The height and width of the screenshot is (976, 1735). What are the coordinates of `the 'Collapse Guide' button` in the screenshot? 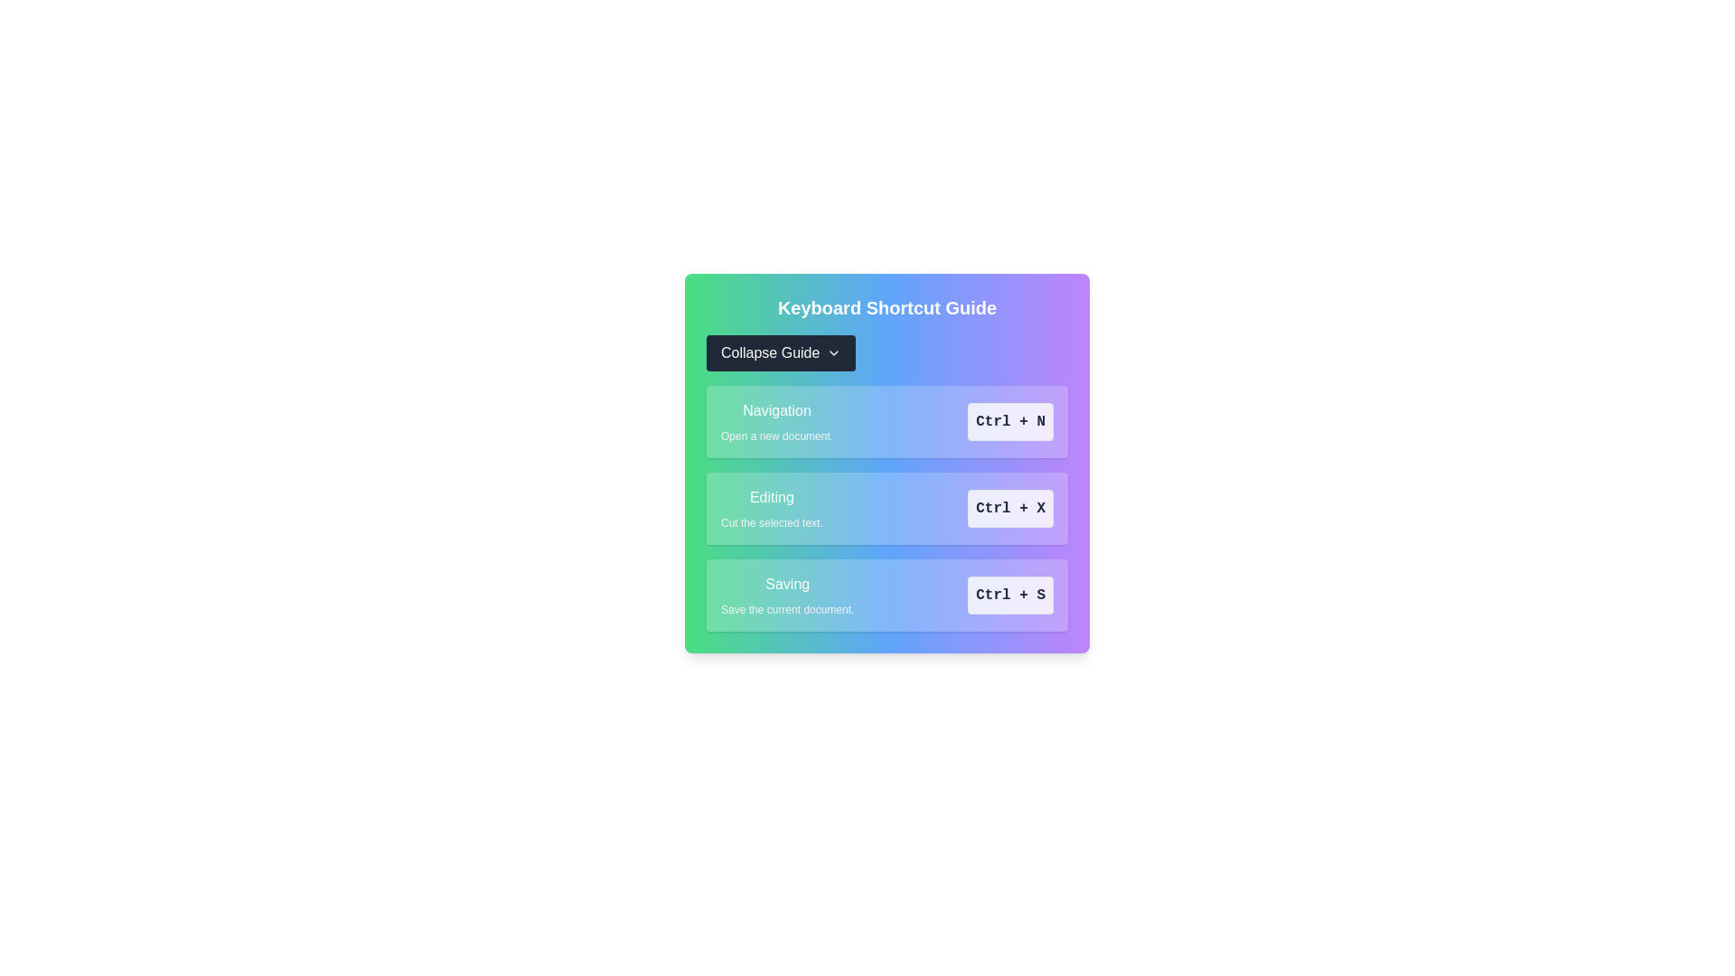 It's located at (781, 352).